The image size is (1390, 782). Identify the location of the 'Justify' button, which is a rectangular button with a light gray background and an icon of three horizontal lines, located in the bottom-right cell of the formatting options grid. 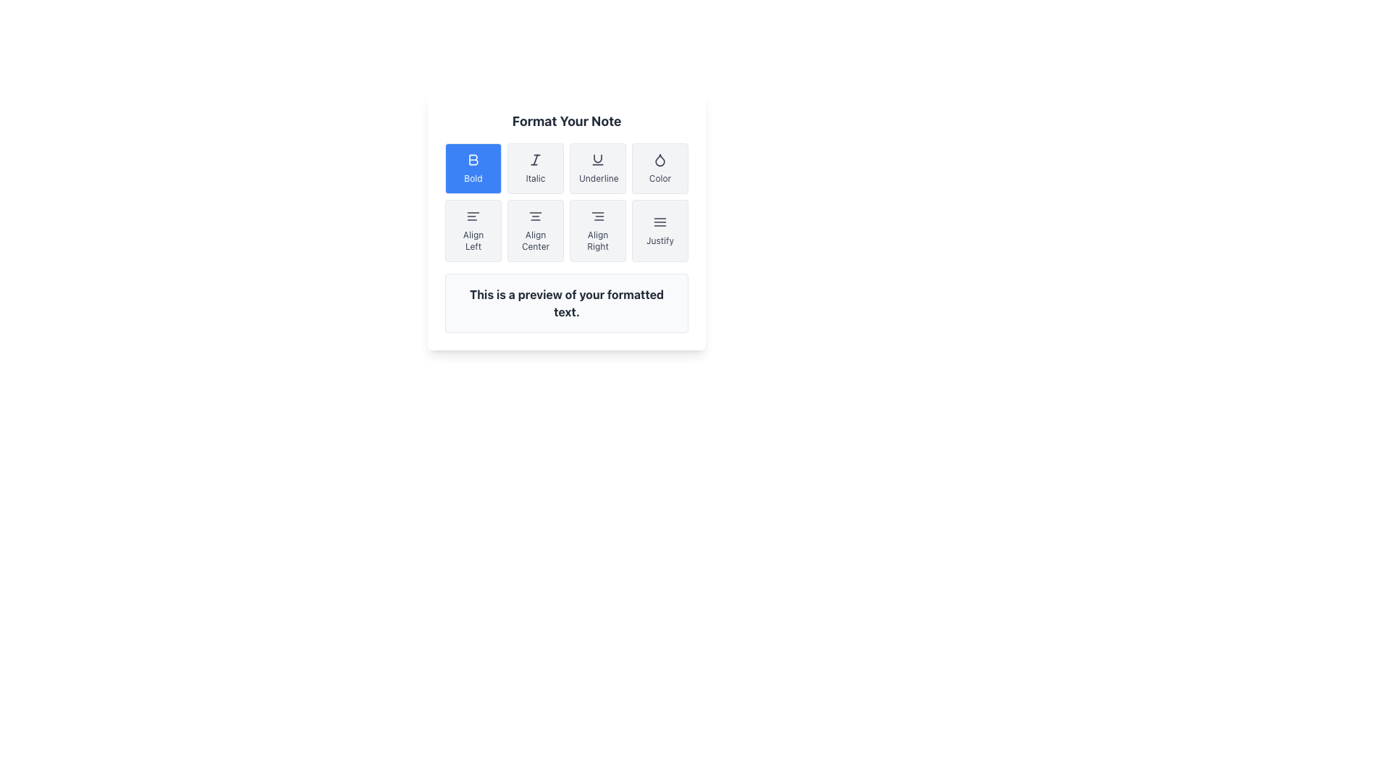
(660, 230).